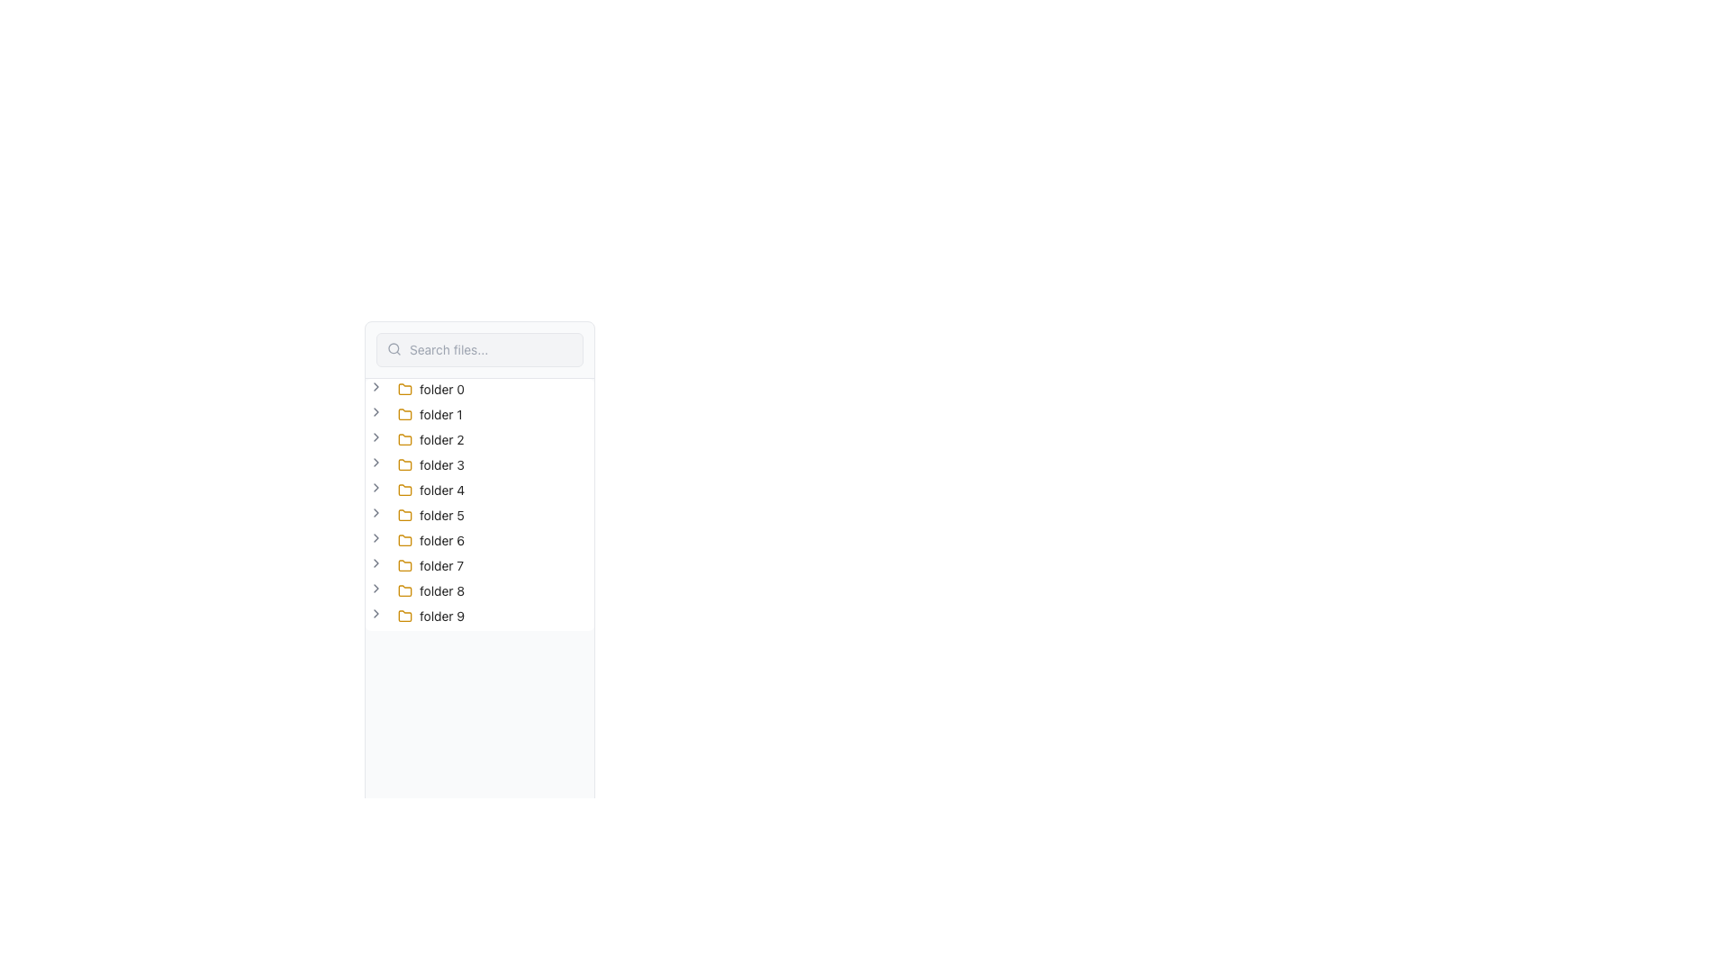  Describe the element at coordinates (404, 539) in the screenshot. I see `the sixth folder icon with a yellow outline labeled 'folder 6' to interact with it` at that location.